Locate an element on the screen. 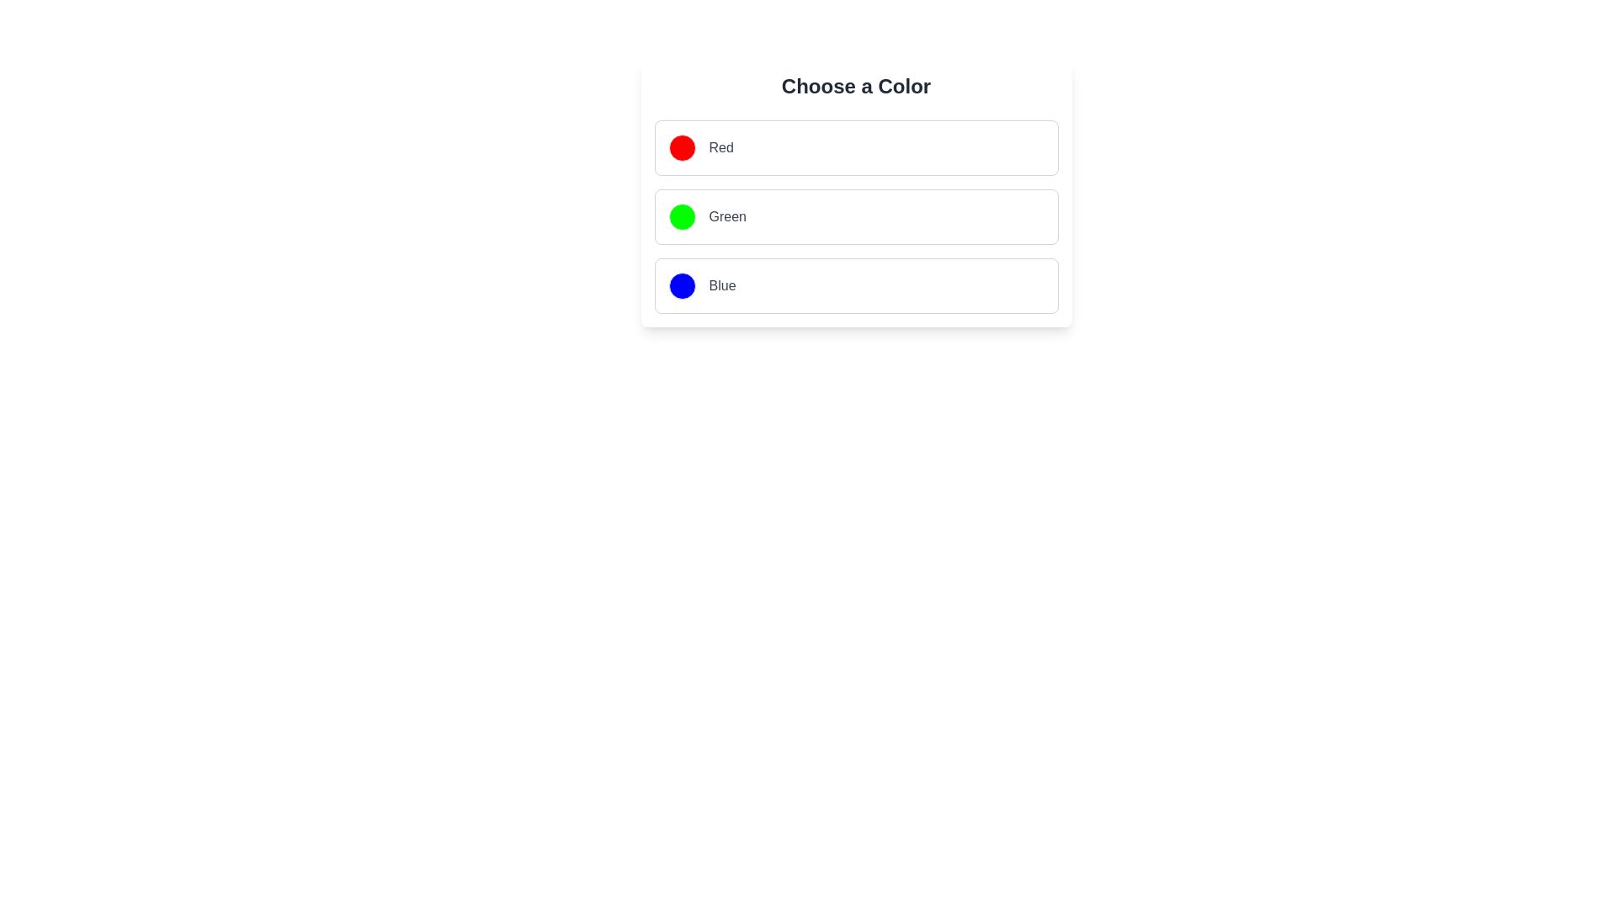 The width and height of the screenshot is (1616, 909). the header text element that reads 'Choose a Color', which is prominently displayed in bold, large font at the top of the color selection interface is located at coordinates (856, 87).